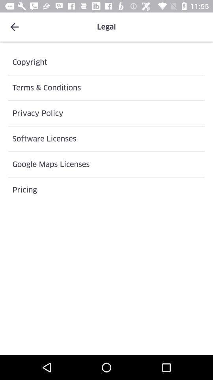 Image resolution: width=213 pixels, height=380 pixels. What do you see at coordinates (106, 190) in the screenshot?
I see `icon below the google maps licenses` at bounding box center [106, 190].